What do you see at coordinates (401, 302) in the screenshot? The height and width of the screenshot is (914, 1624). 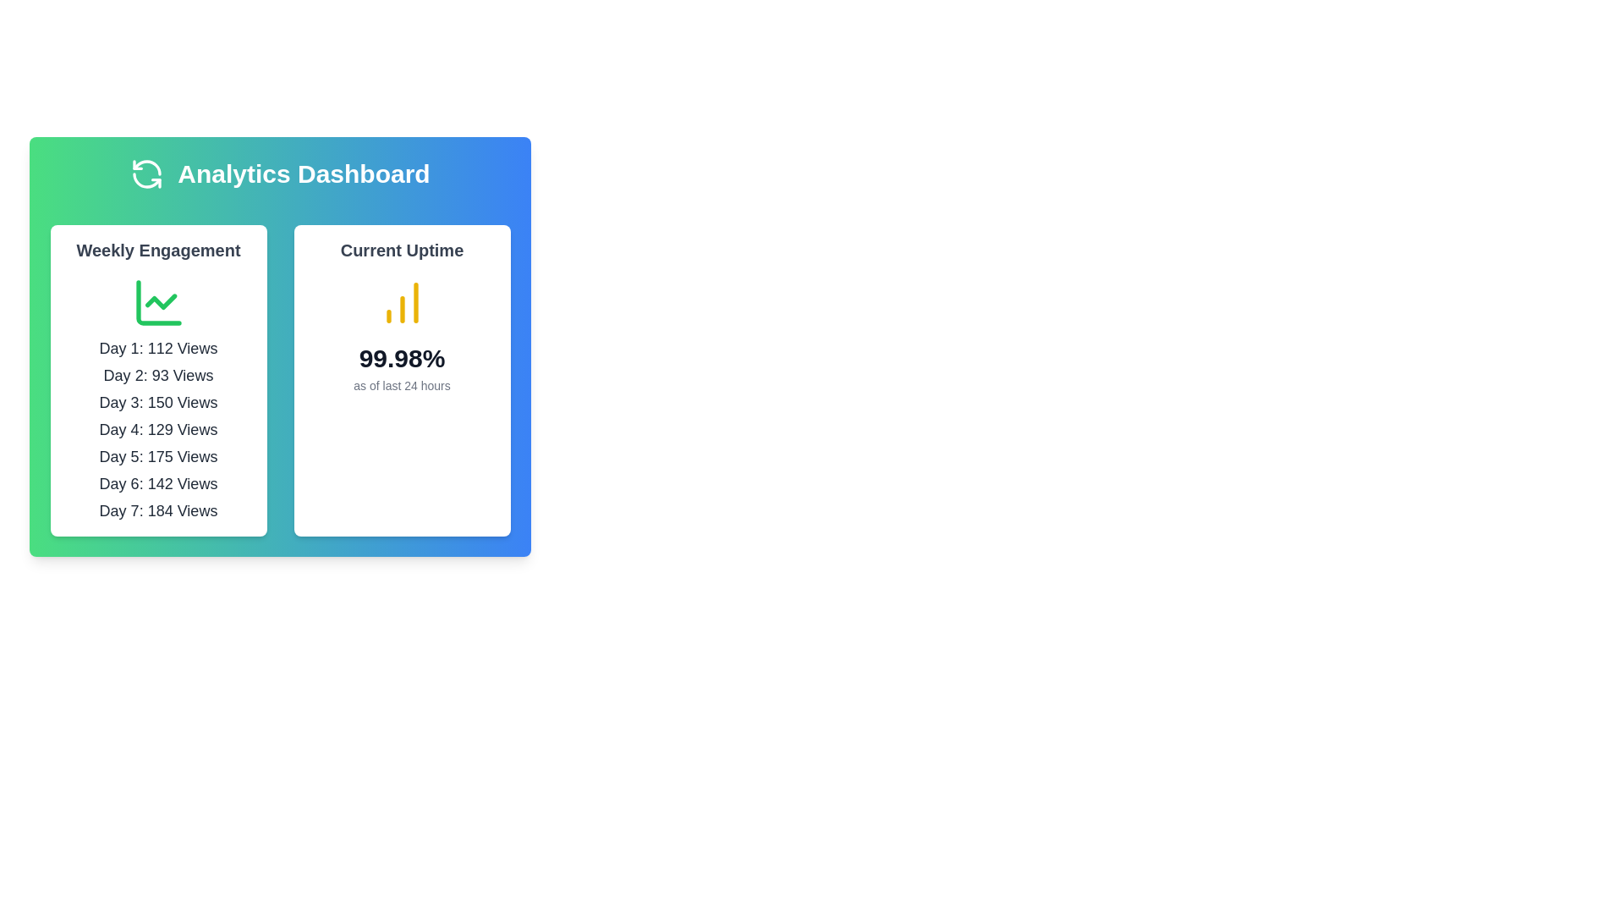 I see `the vertical bar chart icon, which consists of three ascending yellow bars indicating a growth trend, located centrally within the 'Current Uptime' card in the blue-themed analytics dashboard` at bounding box center [401, 302].